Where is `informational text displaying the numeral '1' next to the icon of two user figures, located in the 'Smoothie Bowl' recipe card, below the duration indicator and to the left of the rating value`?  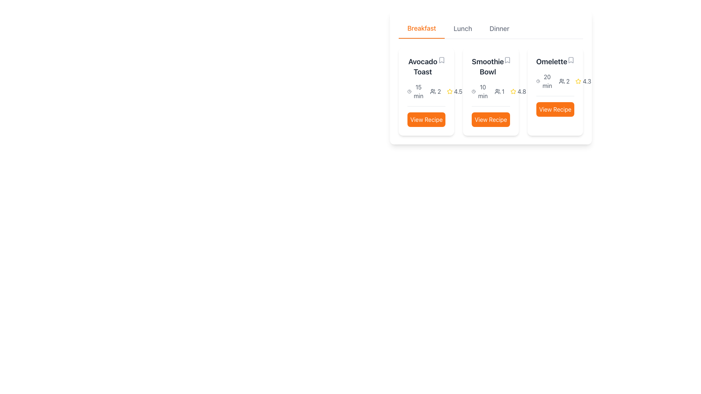
informational text displaying the numeral '1' next to the icon of two user figures, located in the 'Smoothie Bowl' recipe card, below the duration indicator and to the left of the rating value is located at coordinates (499, 91).